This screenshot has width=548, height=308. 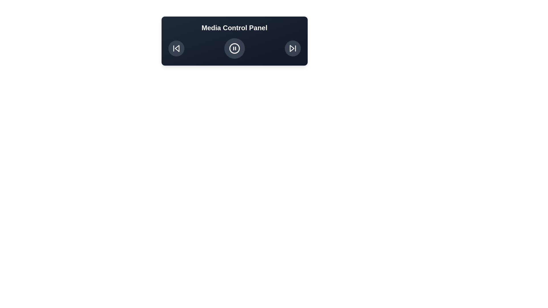 I want to click on the centrally placed Pause button on the media control panel to temporarily stop playback, so click(x=234, y=48).